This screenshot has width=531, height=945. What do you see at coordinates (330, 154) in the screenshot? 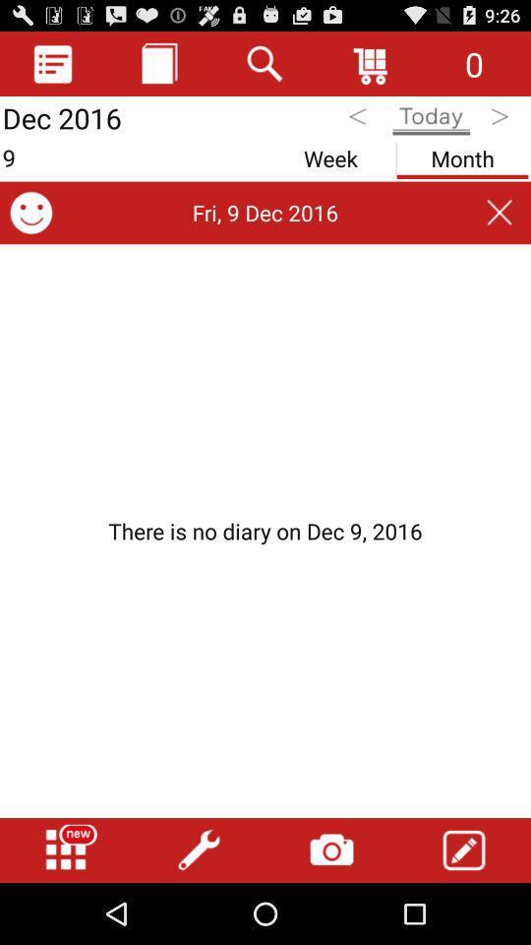
I see `app next to 9 item` at bounding box center [330, 154].